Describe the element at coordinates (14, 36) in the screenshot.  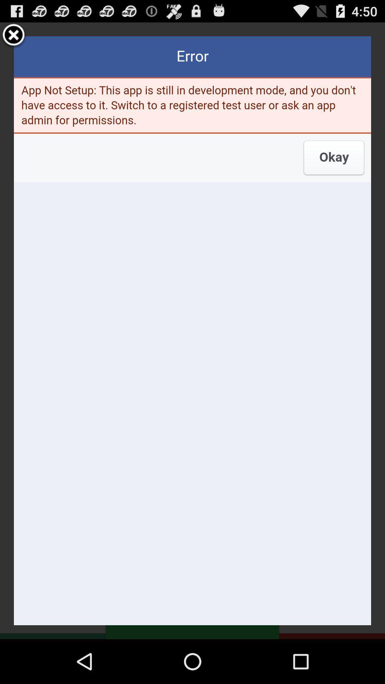
I see `menu` at that location.